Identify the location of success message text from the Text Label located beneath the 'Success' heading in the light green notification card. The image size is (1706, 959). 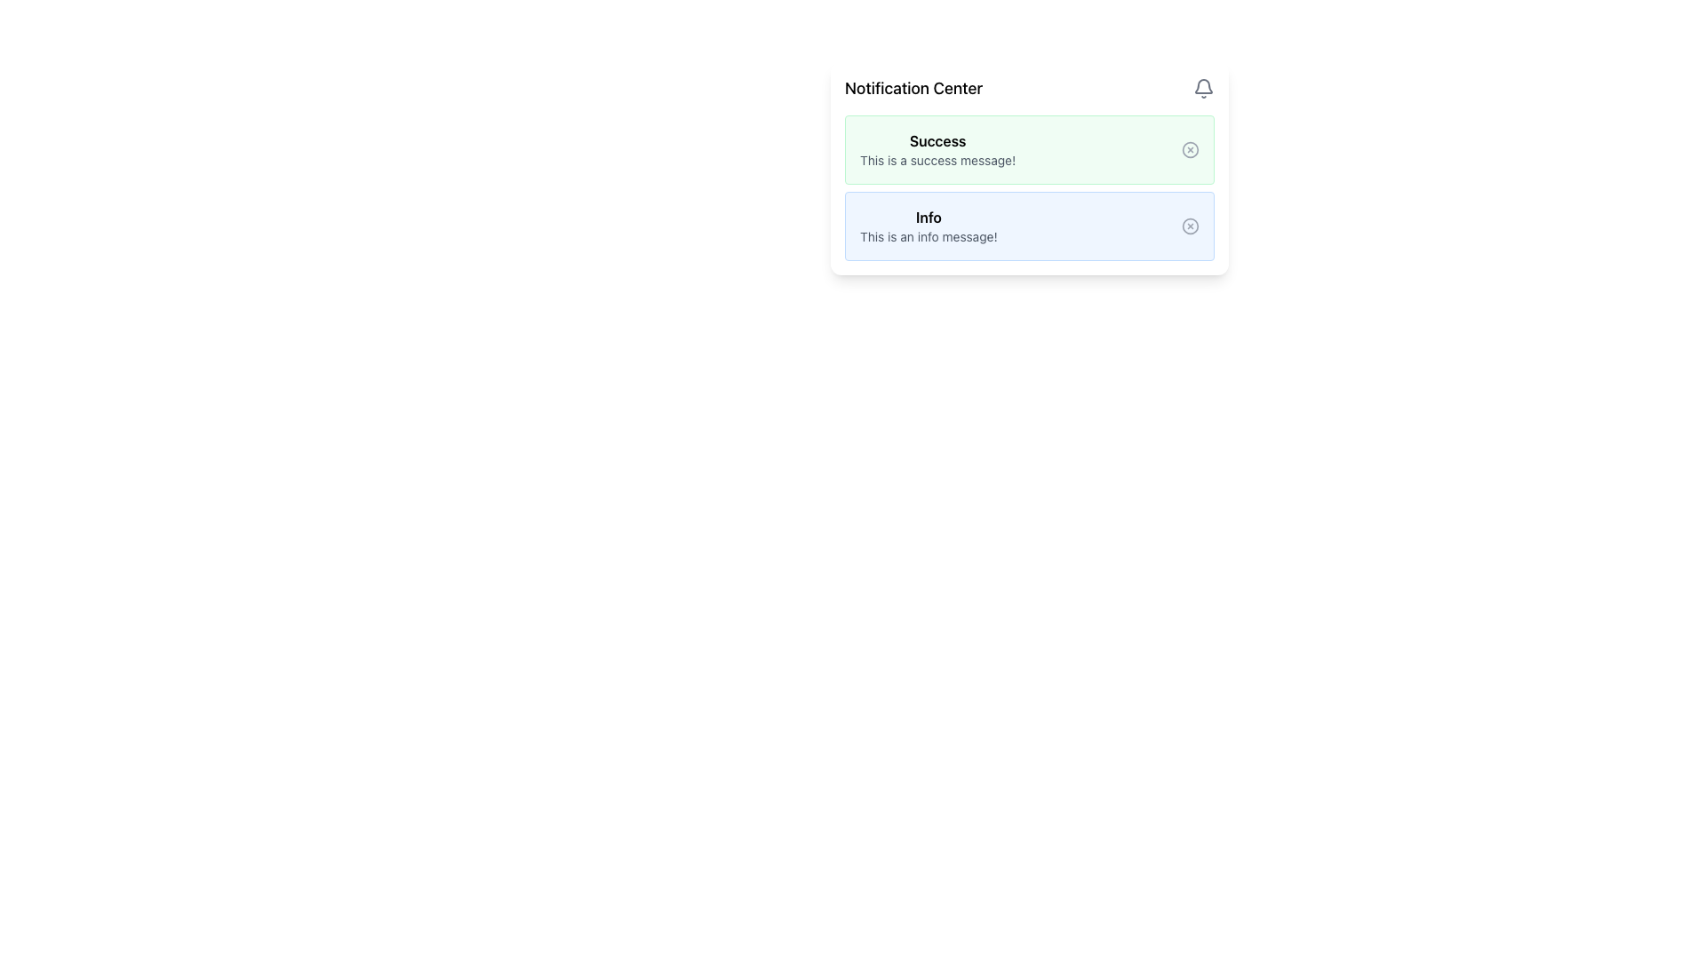
(937, 161).